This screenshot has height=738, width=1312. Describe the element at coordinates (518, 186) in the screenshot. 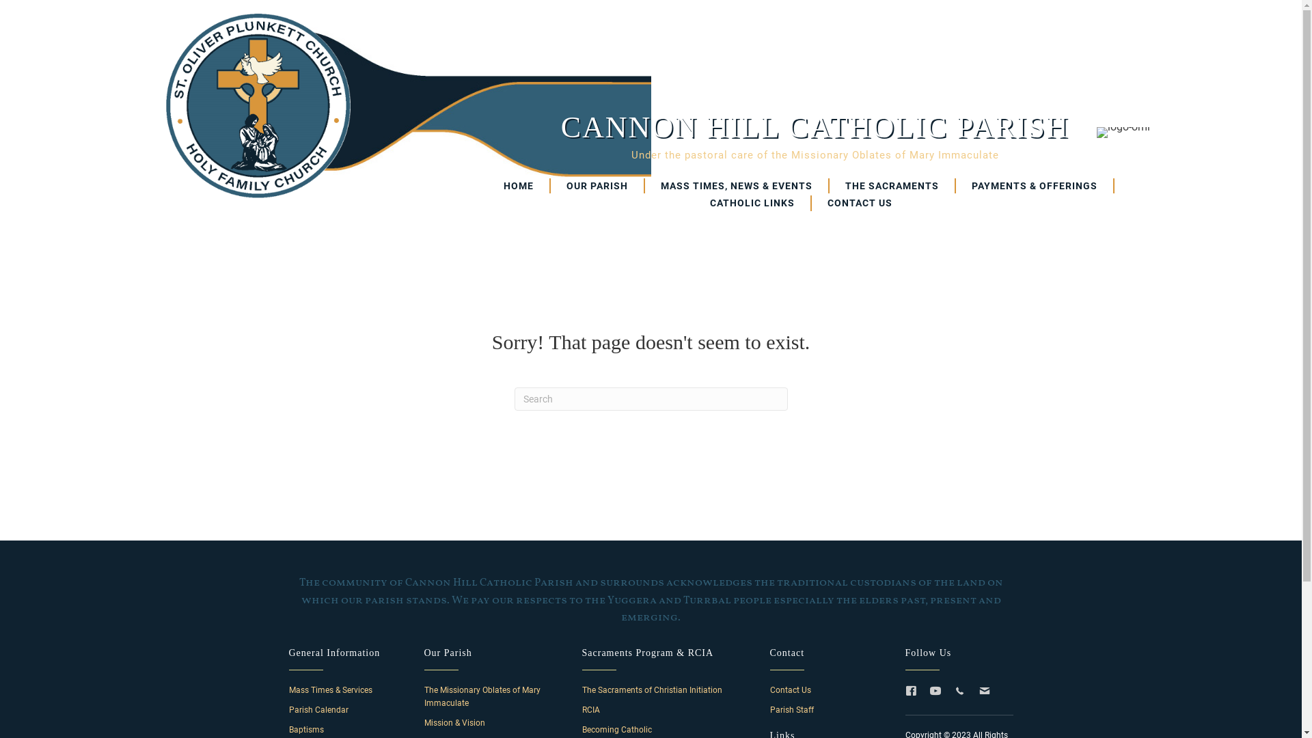

I see `'HOME'` at that location.